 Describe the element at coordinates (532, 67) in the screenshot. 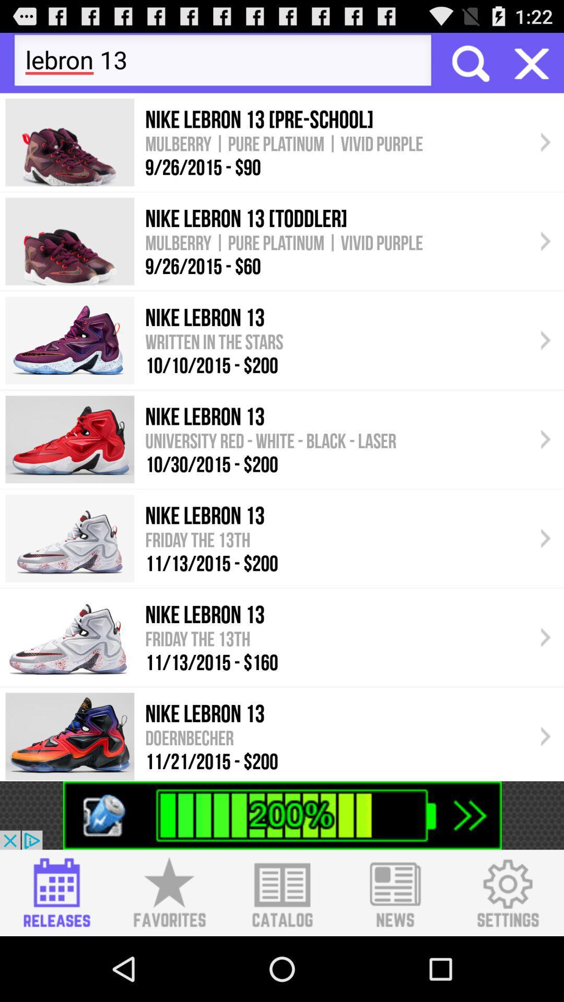

I see `the close icon` at that location.